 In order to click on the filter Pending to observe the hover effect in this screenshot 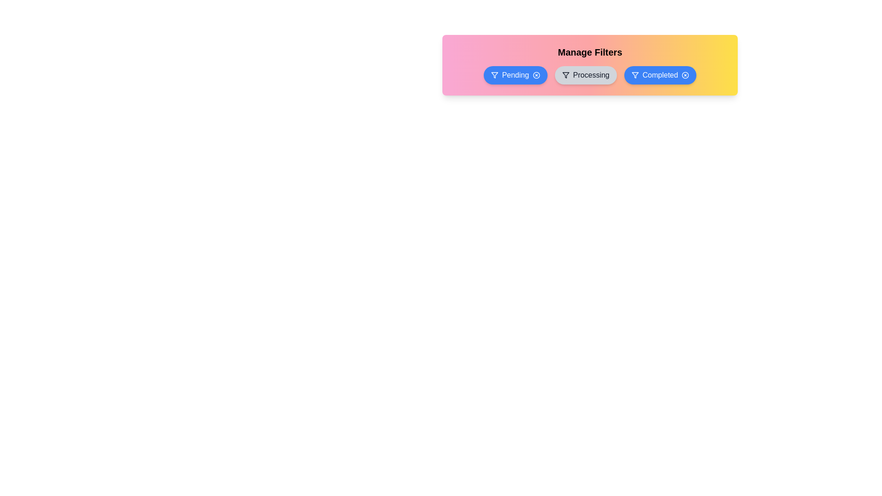, I will do `click(515, 75)`.